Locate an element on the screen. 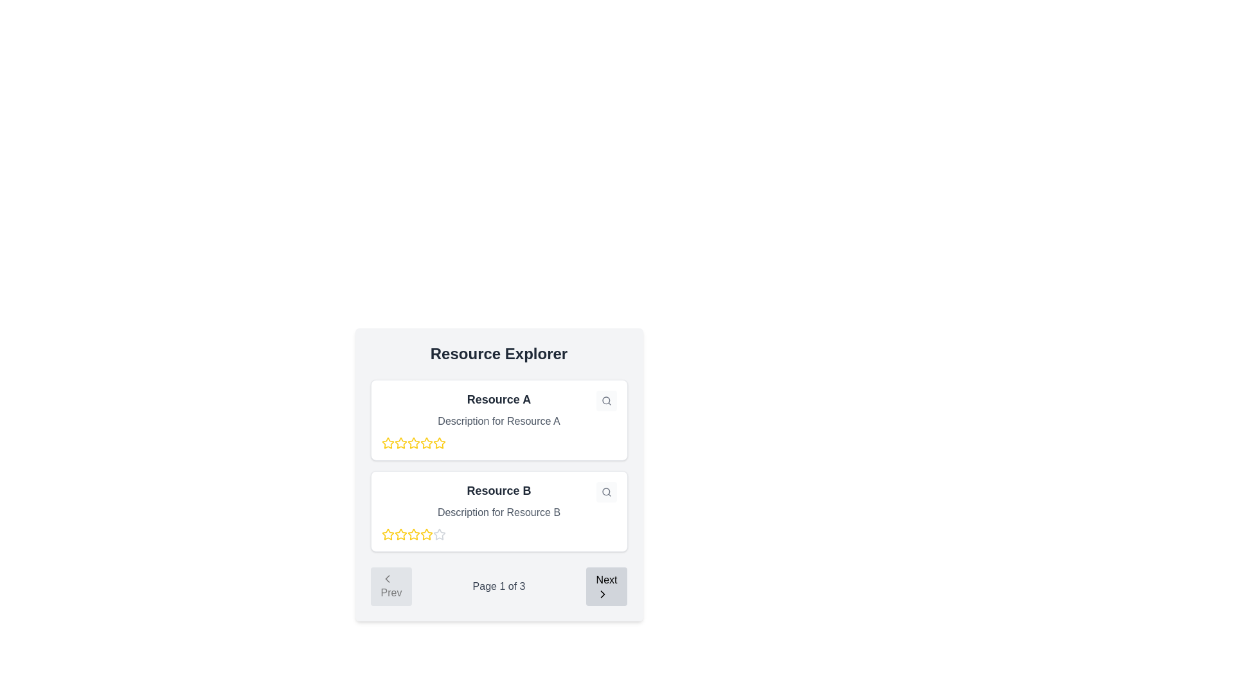 The height and width of the screenshot is (694, 1234). the third star icon in the rating widget for 'Resource B' is located at coordinates (413, 534).